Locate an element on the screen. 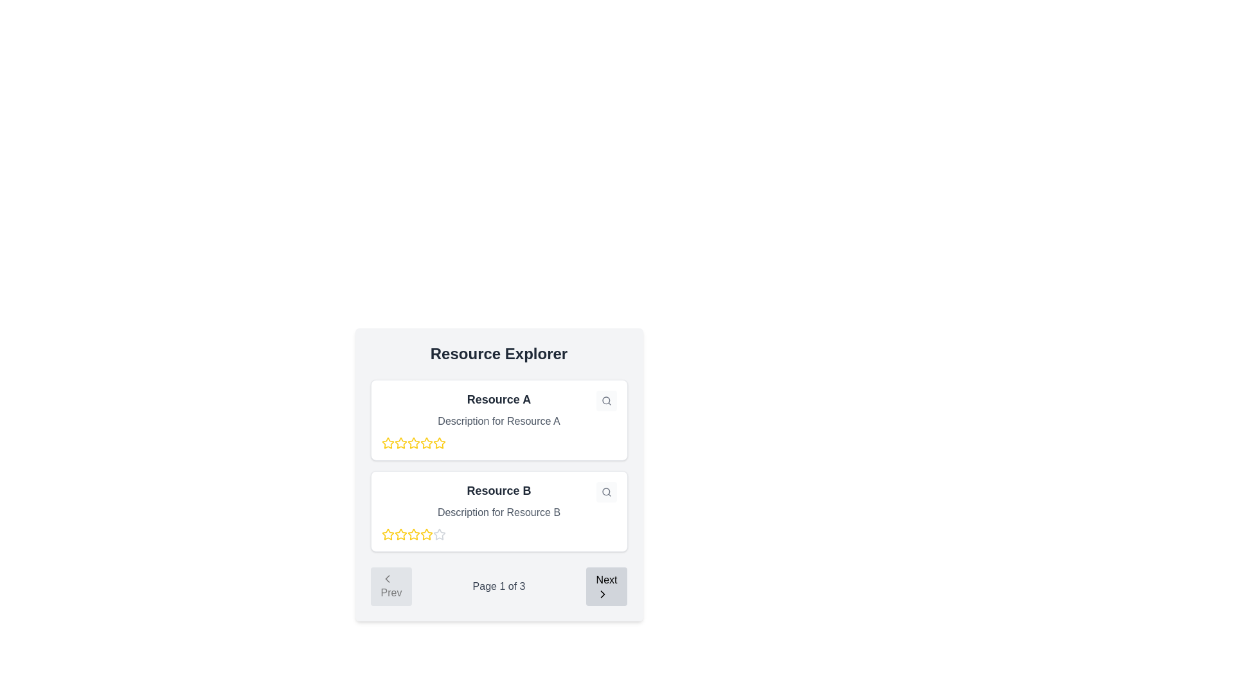 The height and width of the screenshot is (694, 1234). the third star icon in the rating widget for 'Resource B' is located at coordinates (413, 534).